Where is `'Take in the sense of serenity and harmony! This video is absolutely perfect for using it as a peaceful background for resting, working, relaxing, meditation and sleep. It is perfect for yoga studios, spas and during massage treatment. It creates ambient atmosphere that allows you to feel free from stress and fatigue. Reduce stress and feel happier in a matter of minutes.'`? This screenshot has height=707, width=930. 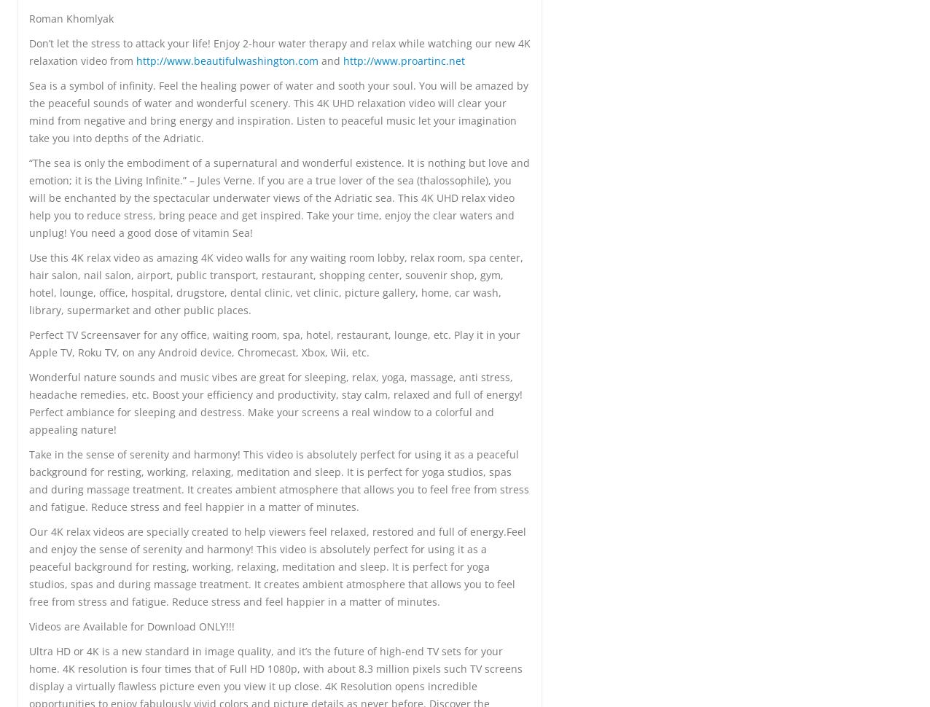 'Take in the sense of serenity and harmony! This video is absolutely perfect for using it as a peaceful background for resting, working, relaxing, meditation and sleep. It is perfect for yoga studios, spas and during massage treatment. It creates ambient atmosphere that allows you to feel free from stress and fatigue. Reduce stress and feel happier in a matter of minutes.' is located at coordinates (278, 479).